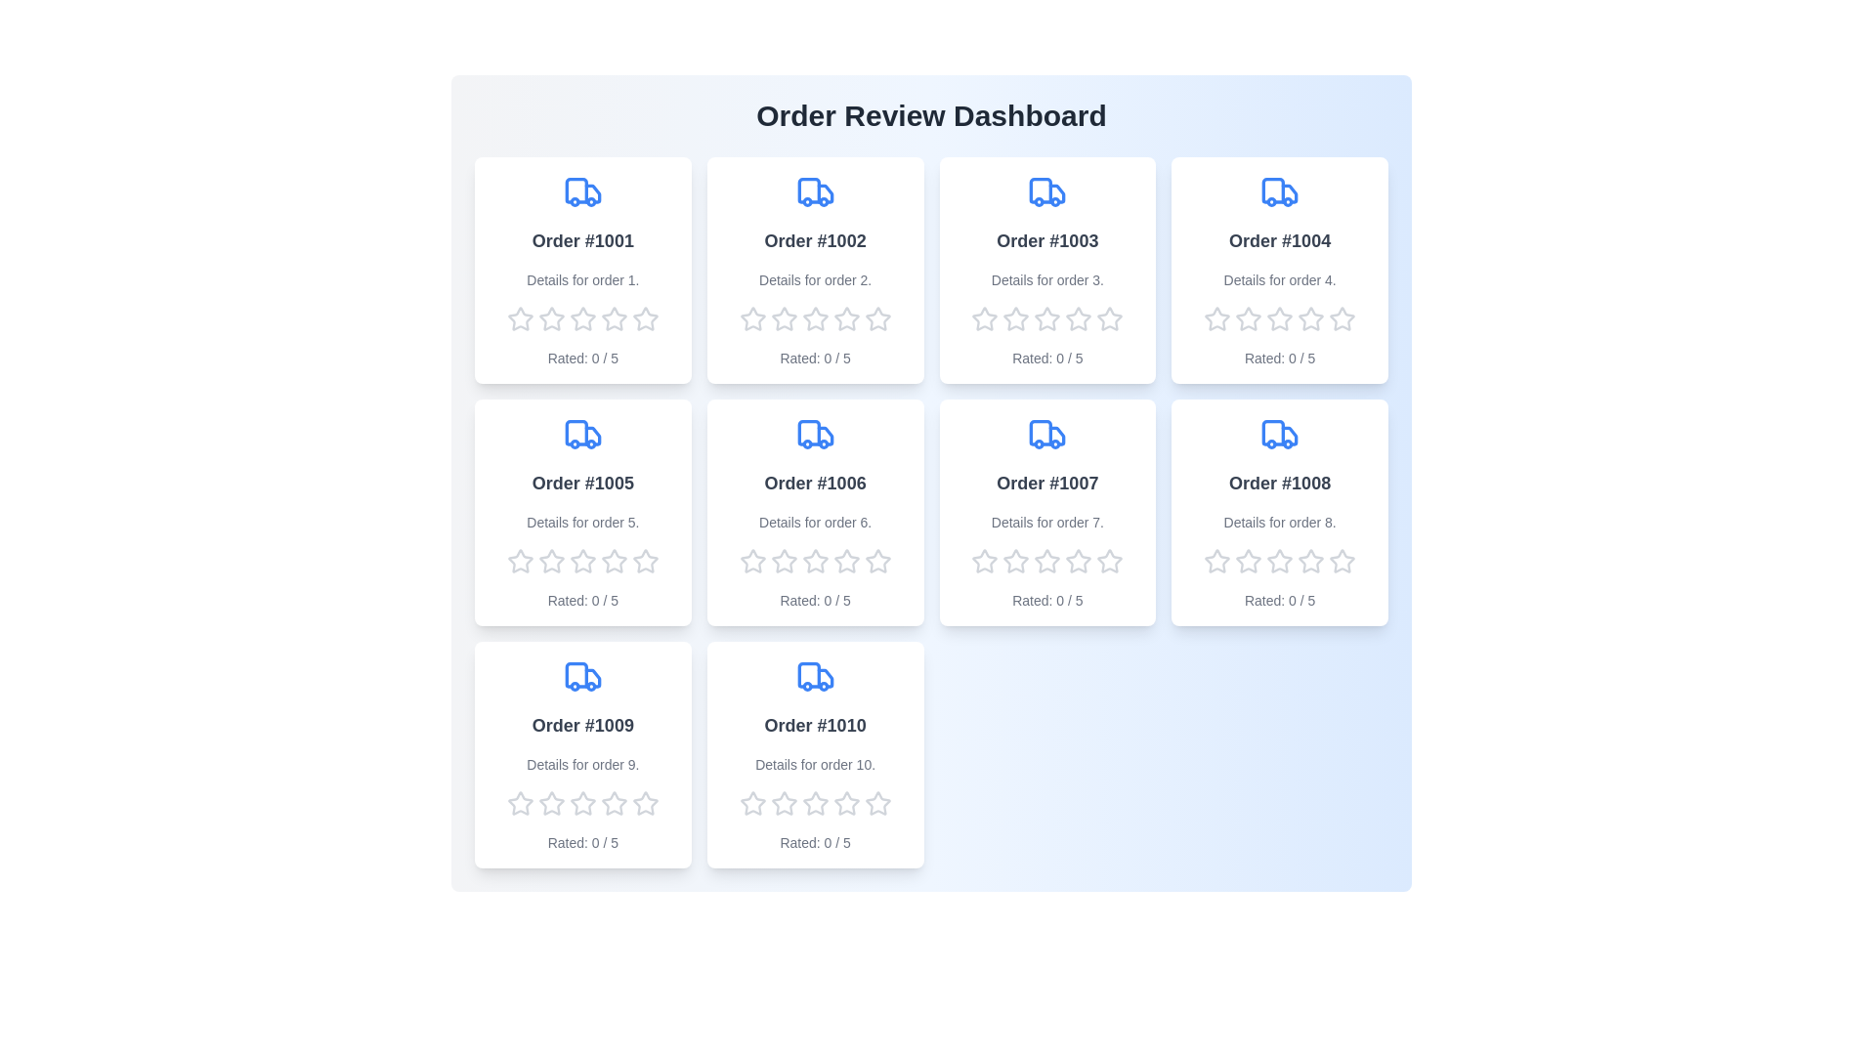 The width and height of the screenshot is (1876, 1055). What do you see at coordinates (520, 318) in the screenshot?
I see `the rating of the order to 1 stars by clicking on the corresponding star` at bounding box center [520, 318].